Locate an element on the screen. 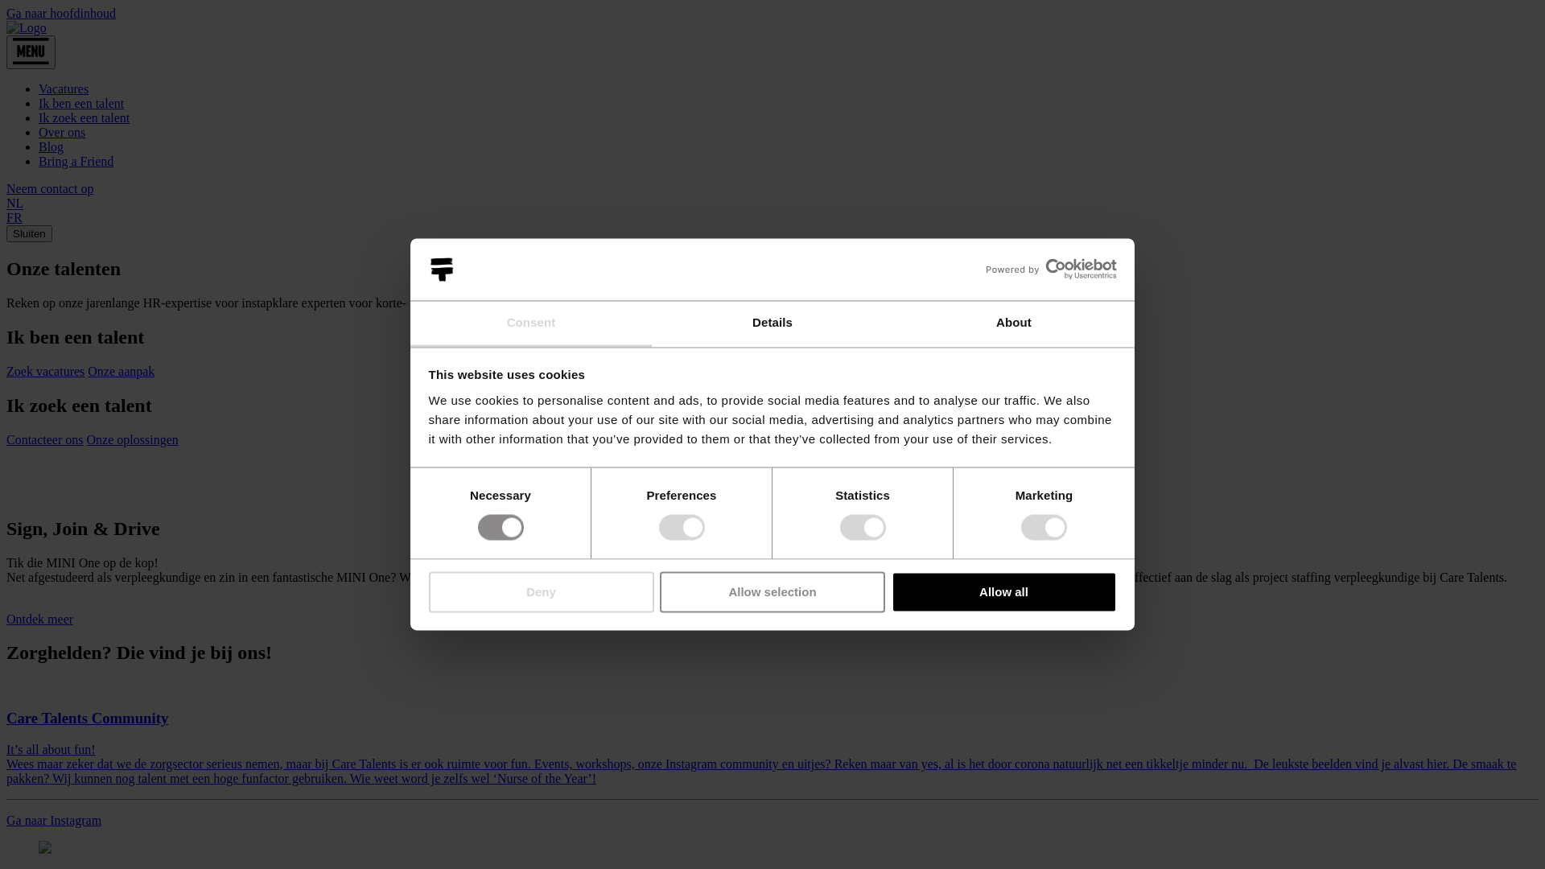 This screenshot has width=1545, height=869. 'Deny' is located at coordinates (428, 591).